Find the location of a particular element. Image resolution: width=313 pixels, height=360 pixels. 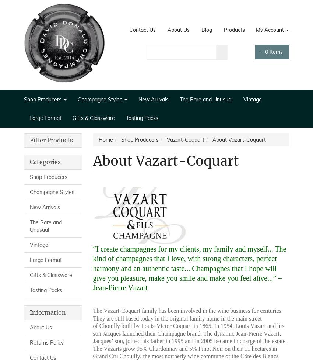

'Returns Policy' is located at coordinates (46, 342).